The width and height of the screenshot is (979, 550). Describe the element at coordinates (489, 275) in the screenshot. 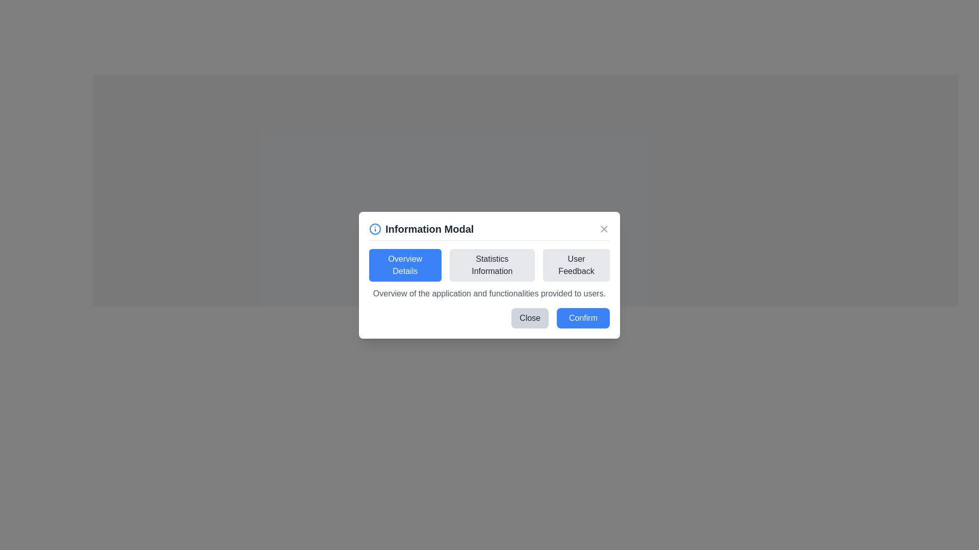

I see `the buttons located at the bottom of the 'Information Modal' dialog box to interact with them` at that location.